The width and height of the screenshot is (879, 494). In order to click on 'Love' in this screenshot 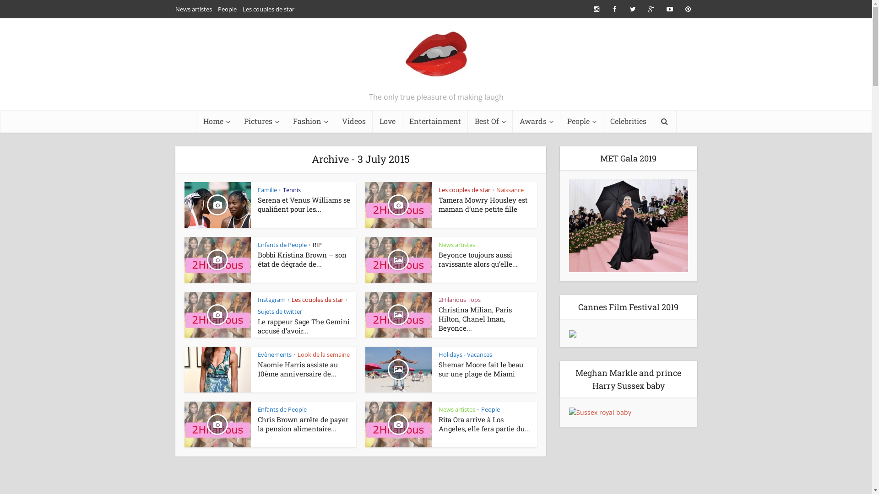, I will do `click(373, 121)`.